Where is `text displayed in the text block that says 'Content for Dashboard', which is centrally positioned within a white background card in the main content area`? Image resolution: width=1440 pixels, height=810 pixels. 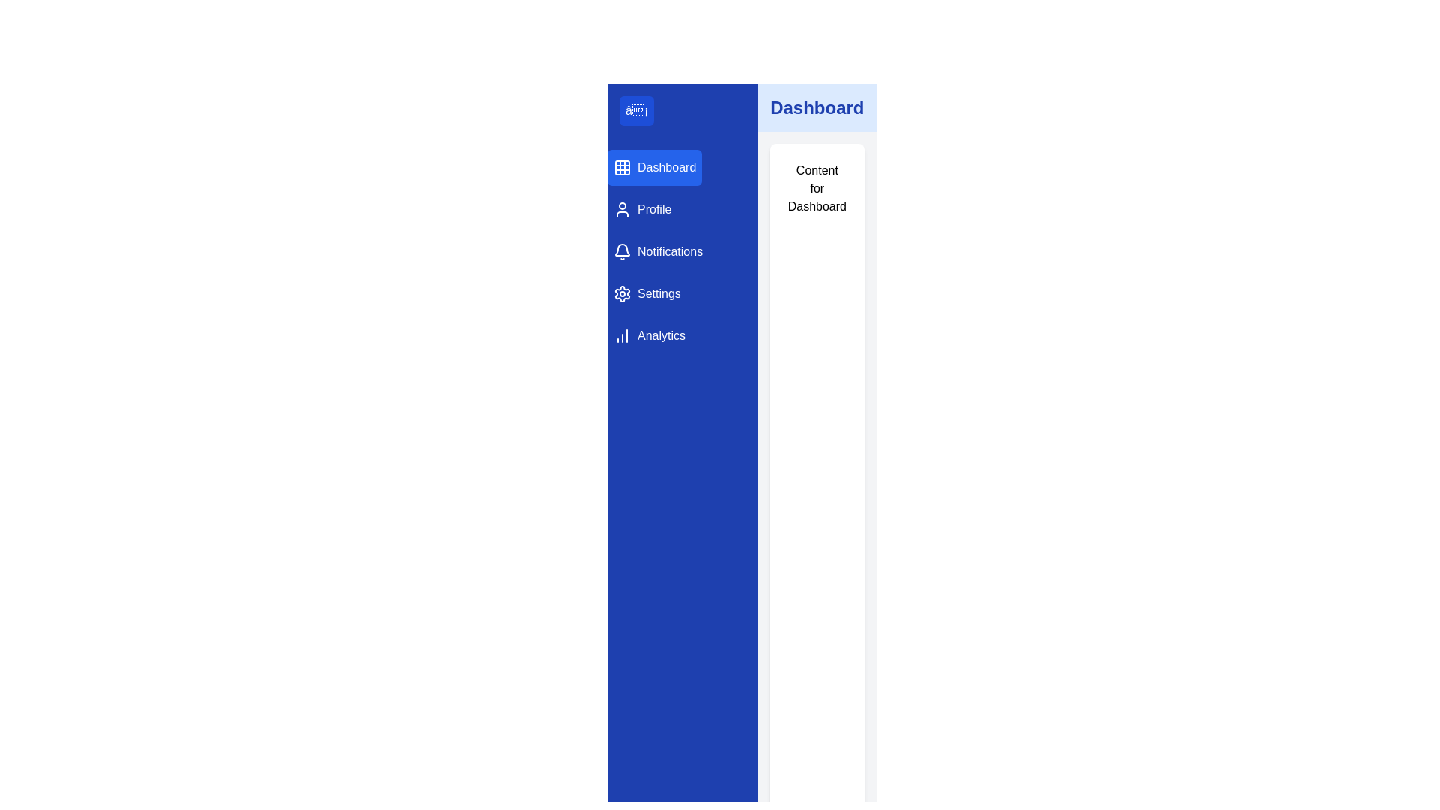 text displayed in the text block that says 'Content for Dashboard', which is centrally positioned within a white background card in the main content area is located at coordinates (816, 187).